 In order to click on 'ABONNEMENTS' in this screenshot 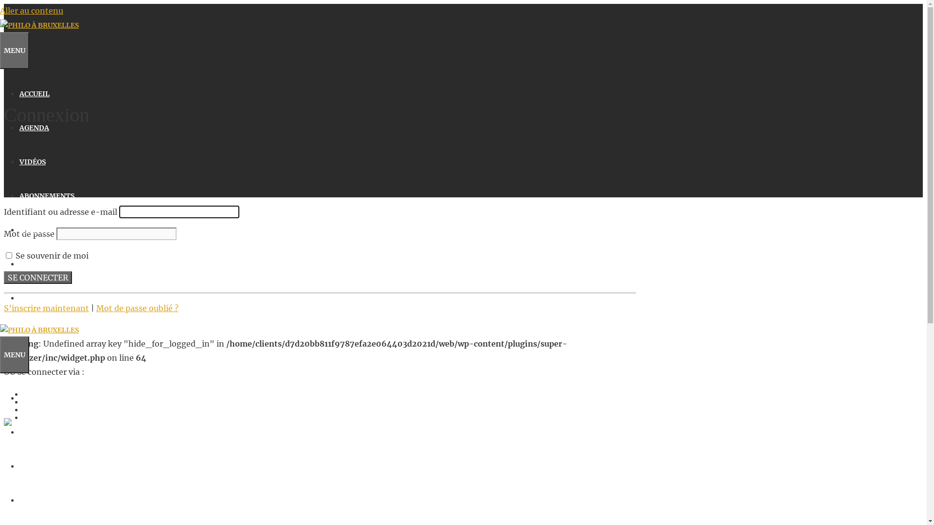, I will do `click(19, 500)`.